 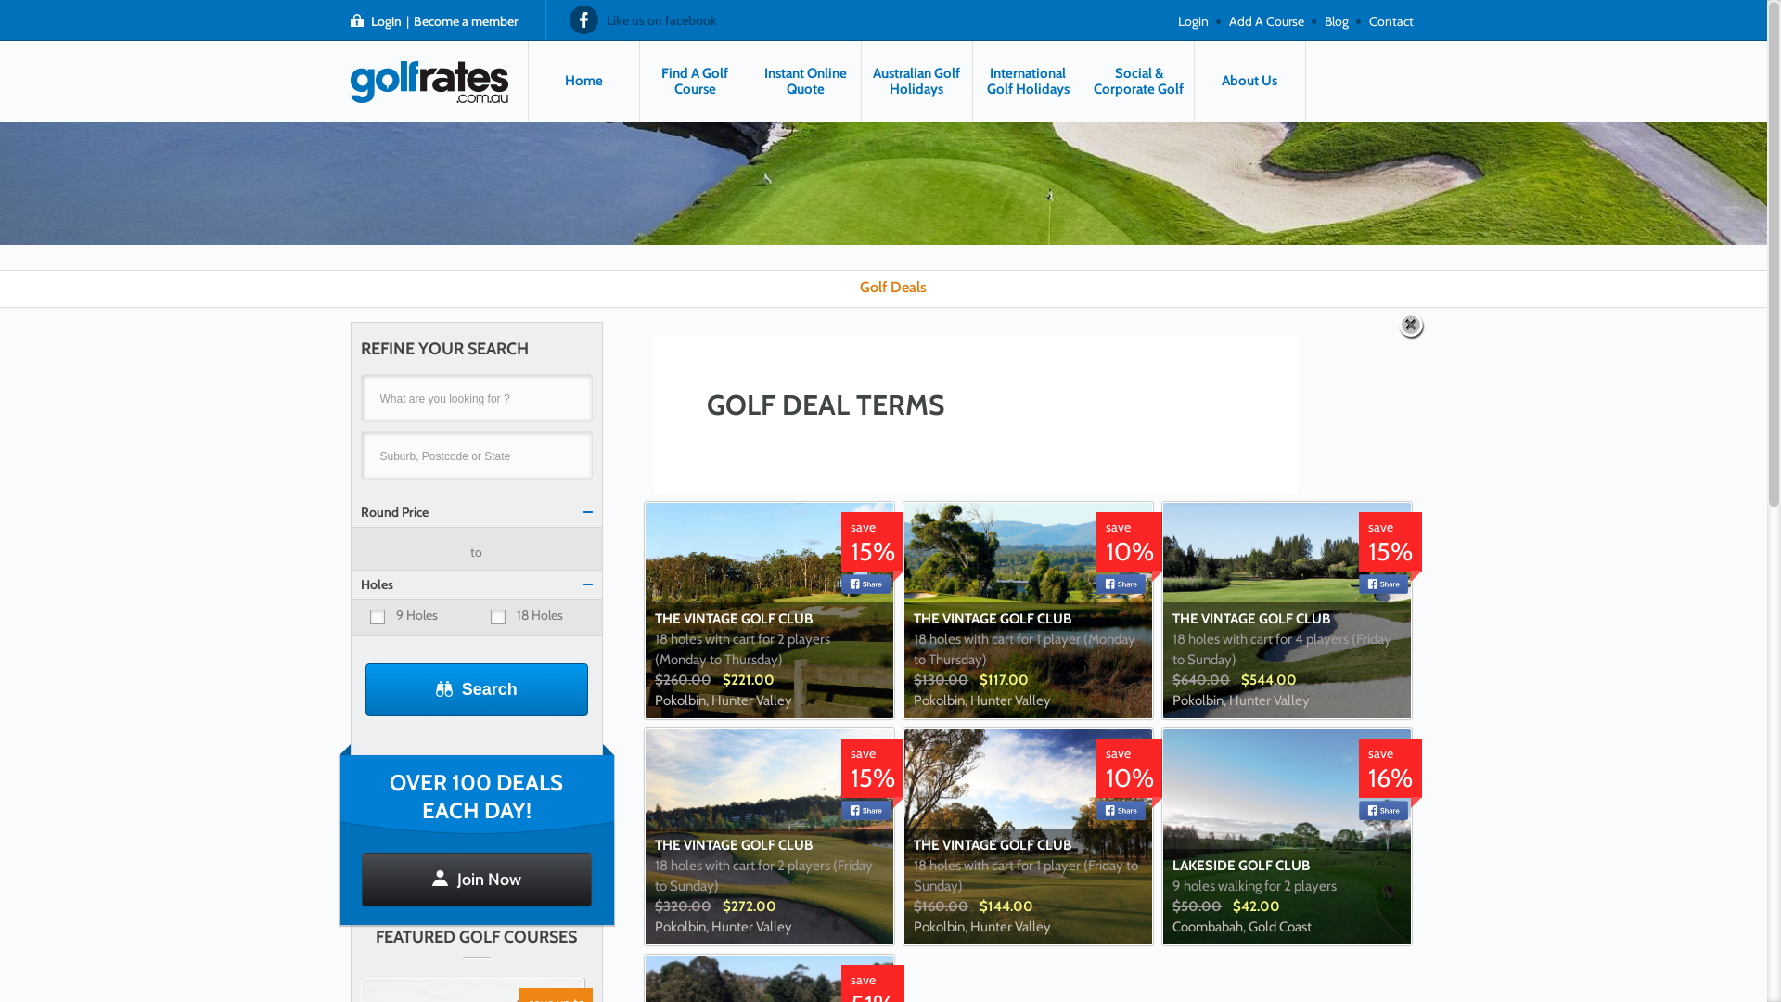 What do you see at coordinates (1390, 773) in the screenshot?
I see `'save` at bounding box center [1390, 773].